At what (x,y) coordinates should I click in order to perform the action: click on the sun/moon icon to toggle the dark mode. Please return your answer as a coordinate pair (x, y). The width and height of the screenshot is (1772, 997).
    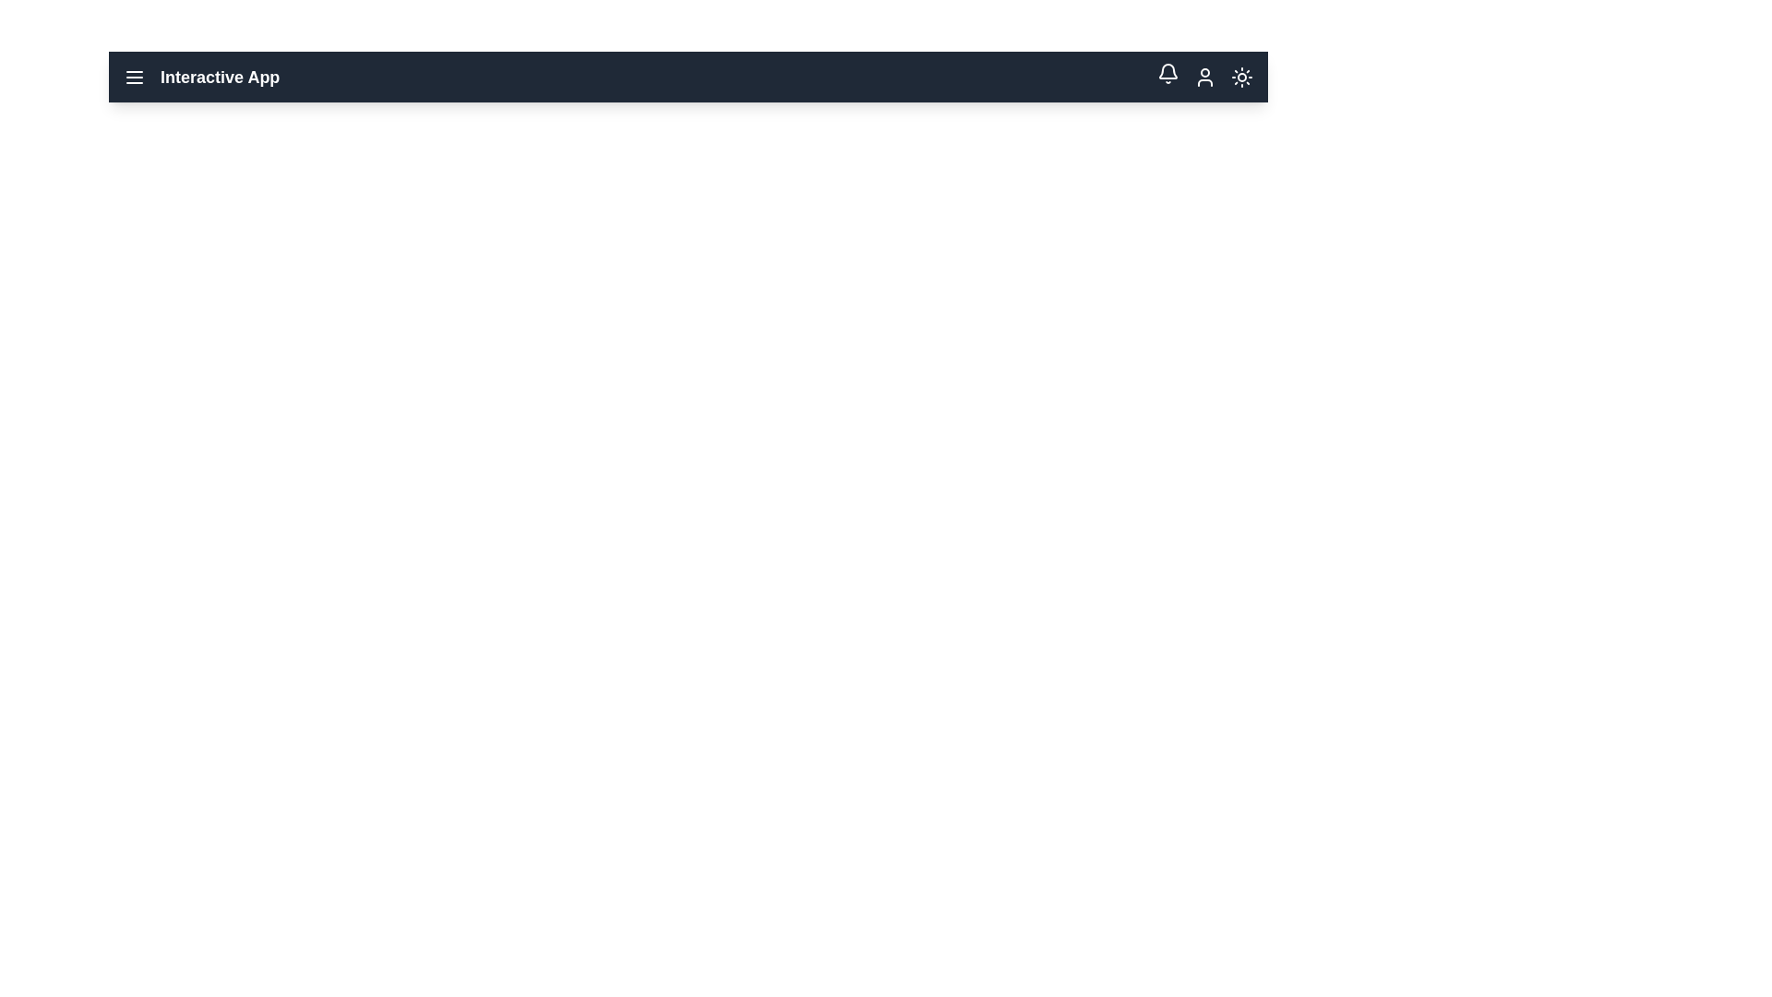
    Looking at the image, I should click on (1241, 76).